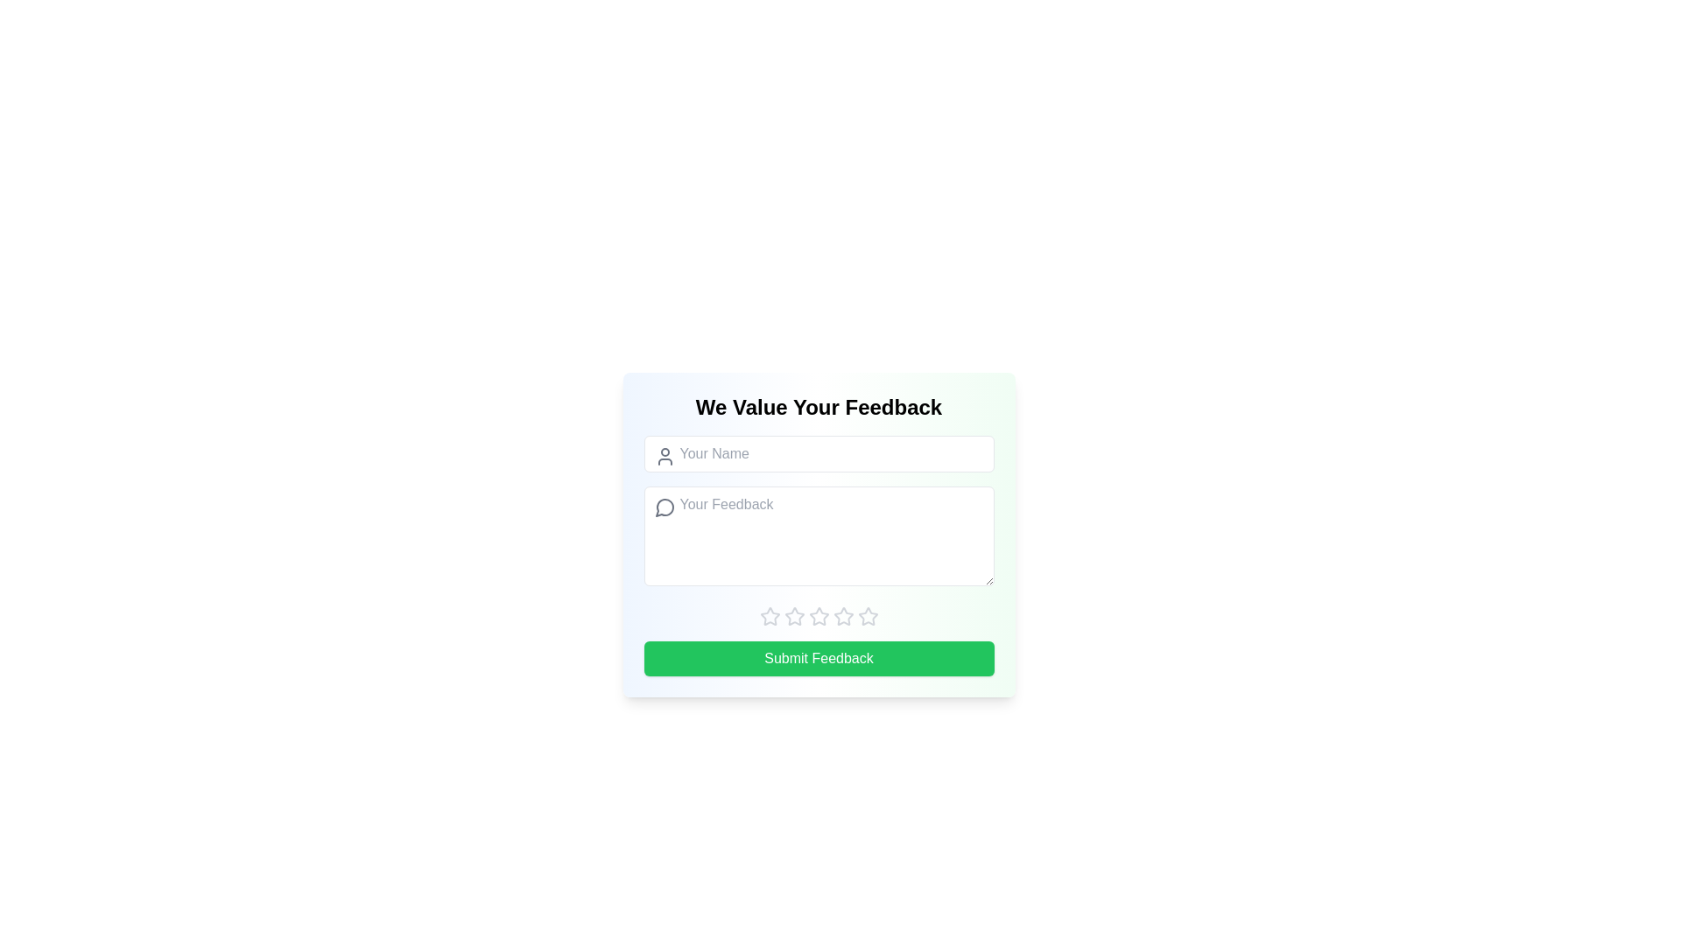 Image resolution: width=1681 pixels, height=945 pixels. Describe the element at coordinates (818, 616) in the screenshot. I see `the fourth gray, unfilled star icon in the horizontal sequence beneath the feedback input field to rate it` at that location.